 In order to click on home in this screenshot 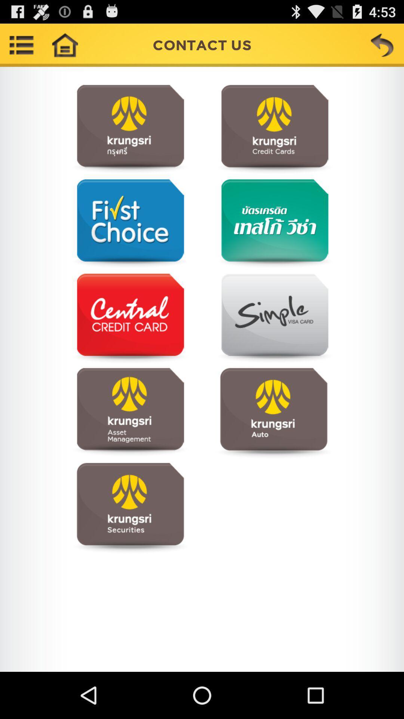, I will do `click(64, 45)`.